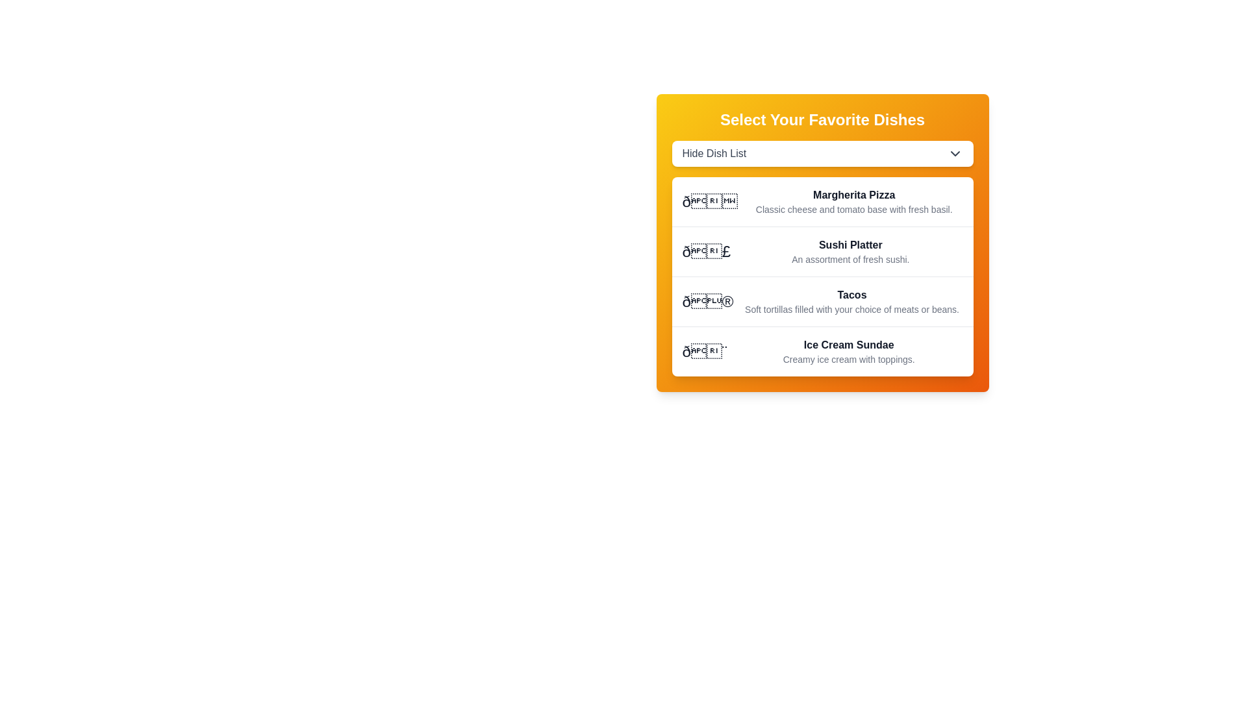 This screenshot has width=1247, height=701. I want to click on text content block titled 'Tacos' which contains the description 'Soft tortillas filled with your choice of meats or beans.' This block is the third item under the section 'Select Your Favorite Dishes', so click(851, 302).